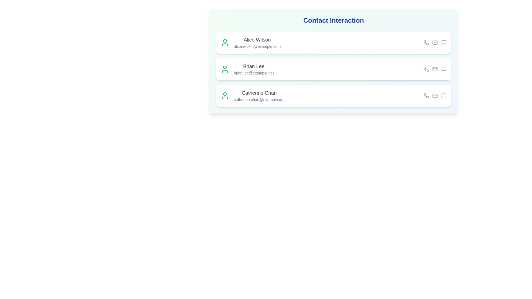 The width and height of the screenshot is (532, 299). Describe the element at coordinates (434, 96) in the screenshot. I see `the email icon for the contact Catherine Chan` at that location.